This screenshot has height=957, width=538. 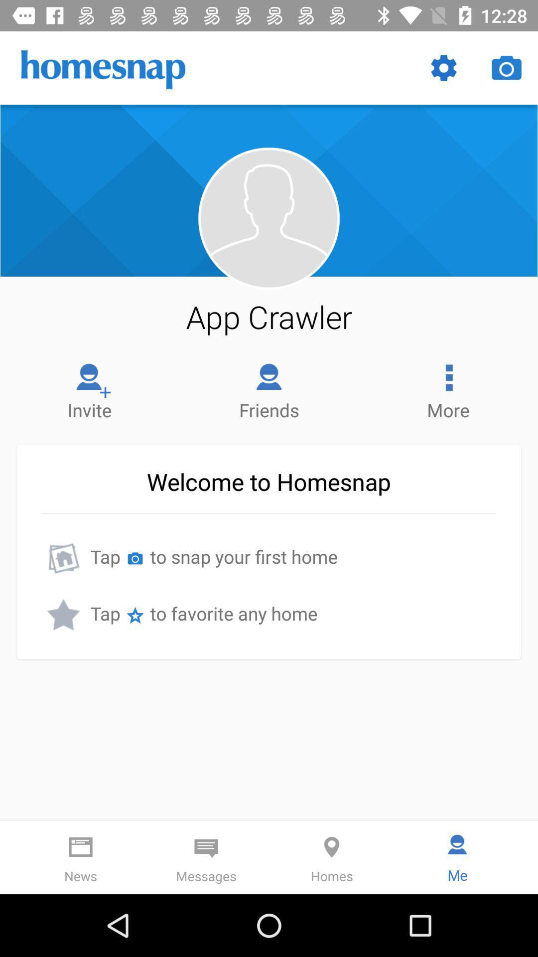 I want to click on the icon above invite icon, so click(x=269, y=316).